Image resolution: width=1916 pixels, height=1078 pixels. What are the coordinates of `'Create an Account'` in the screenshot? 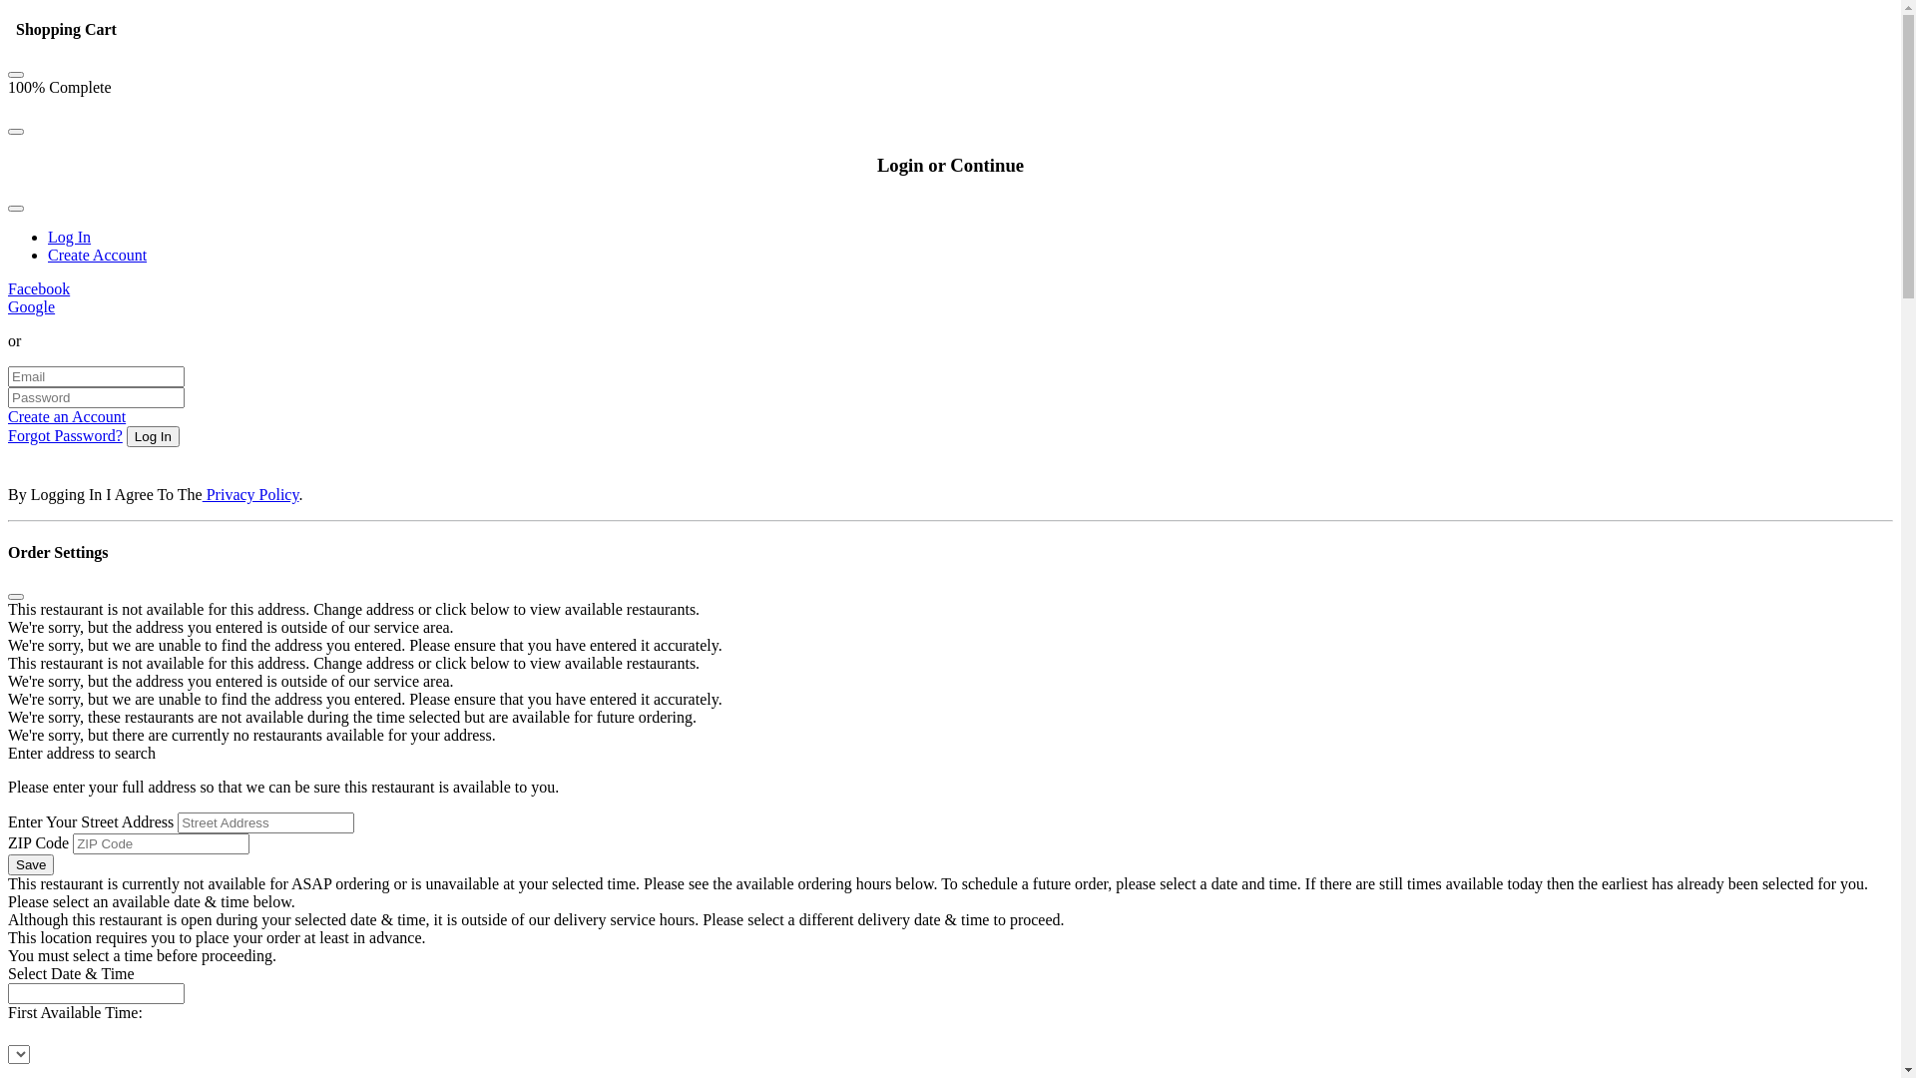 It's located at (67, 415).